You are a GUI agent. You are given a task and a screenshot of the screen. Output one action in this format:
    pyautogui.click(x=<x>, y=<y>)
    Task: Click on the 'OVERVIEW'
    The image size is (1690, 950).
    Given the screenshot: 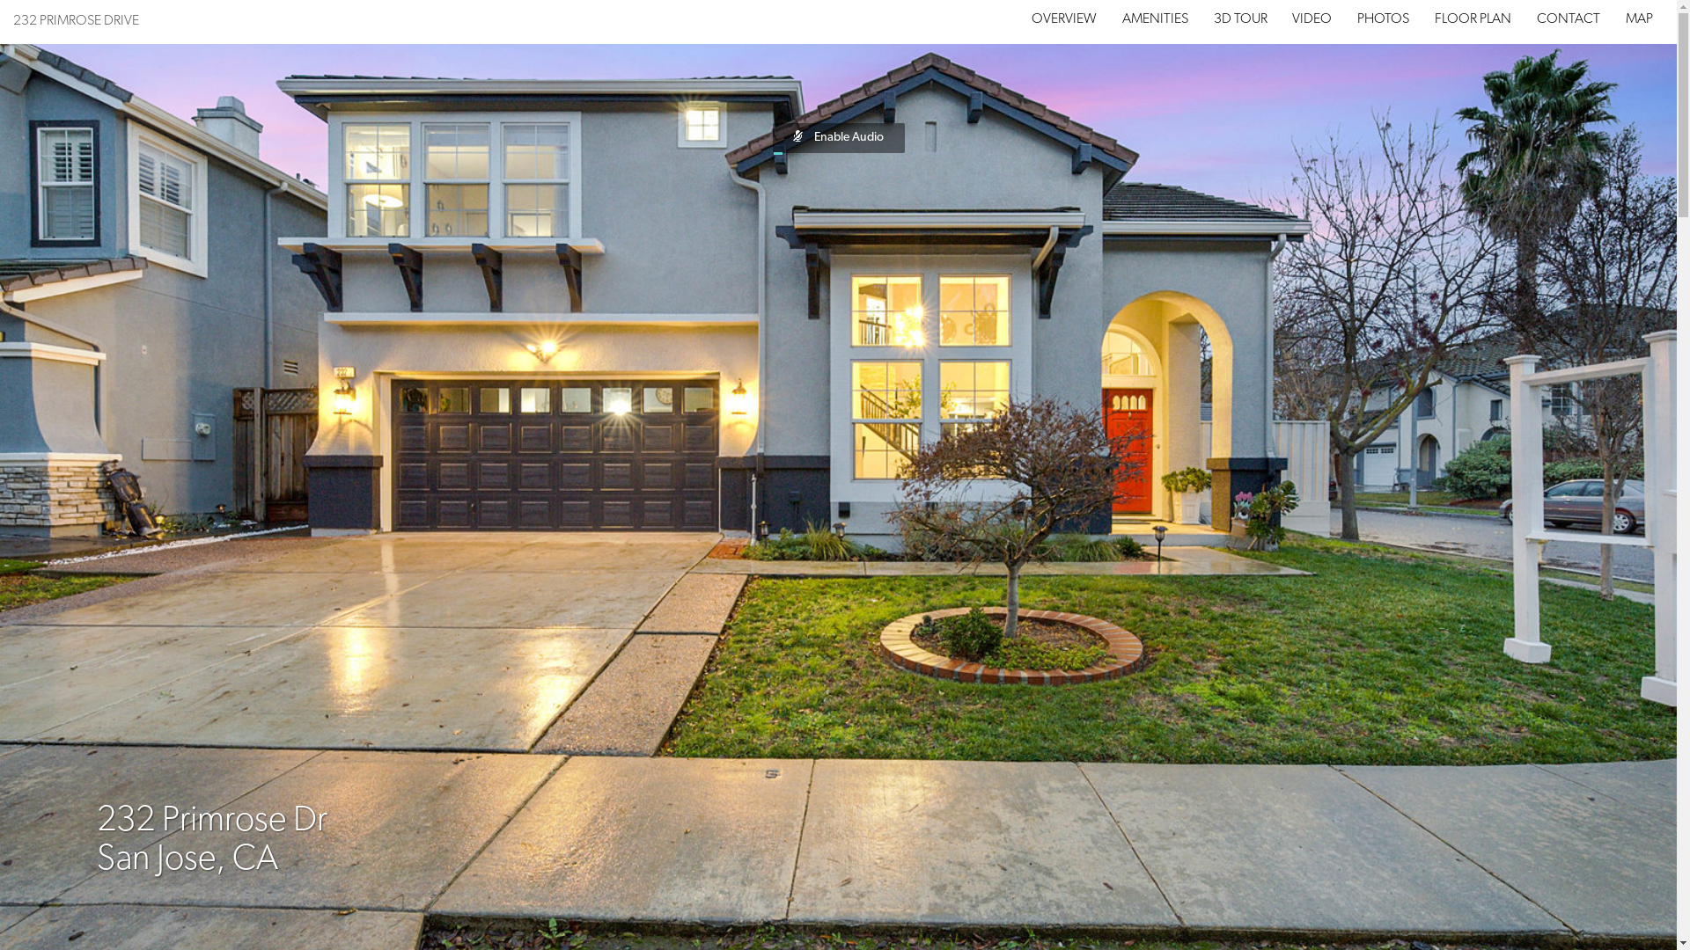 What is the action you would take?
    pyautogui.click(x=1063, y=19)
    